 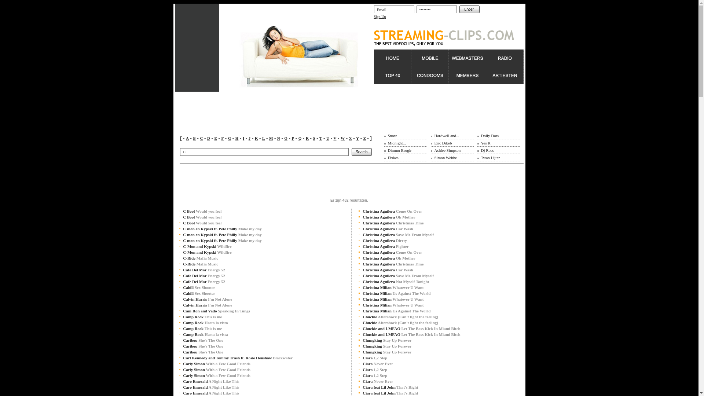 What do you see at coordinates (445, 157) in the screenshot?
I see `'Simon Webbe'` at bounding box center [445, 157].